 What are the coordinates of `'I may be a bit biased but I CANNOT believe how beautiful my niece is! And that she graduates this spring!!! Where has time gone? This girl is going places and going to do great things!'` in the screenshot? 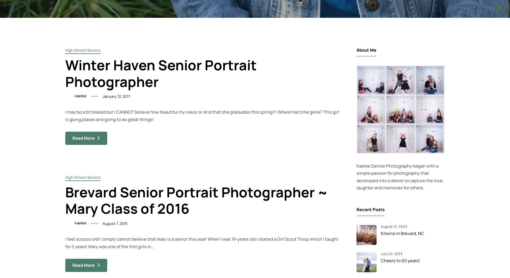 It's located at (202, 115).